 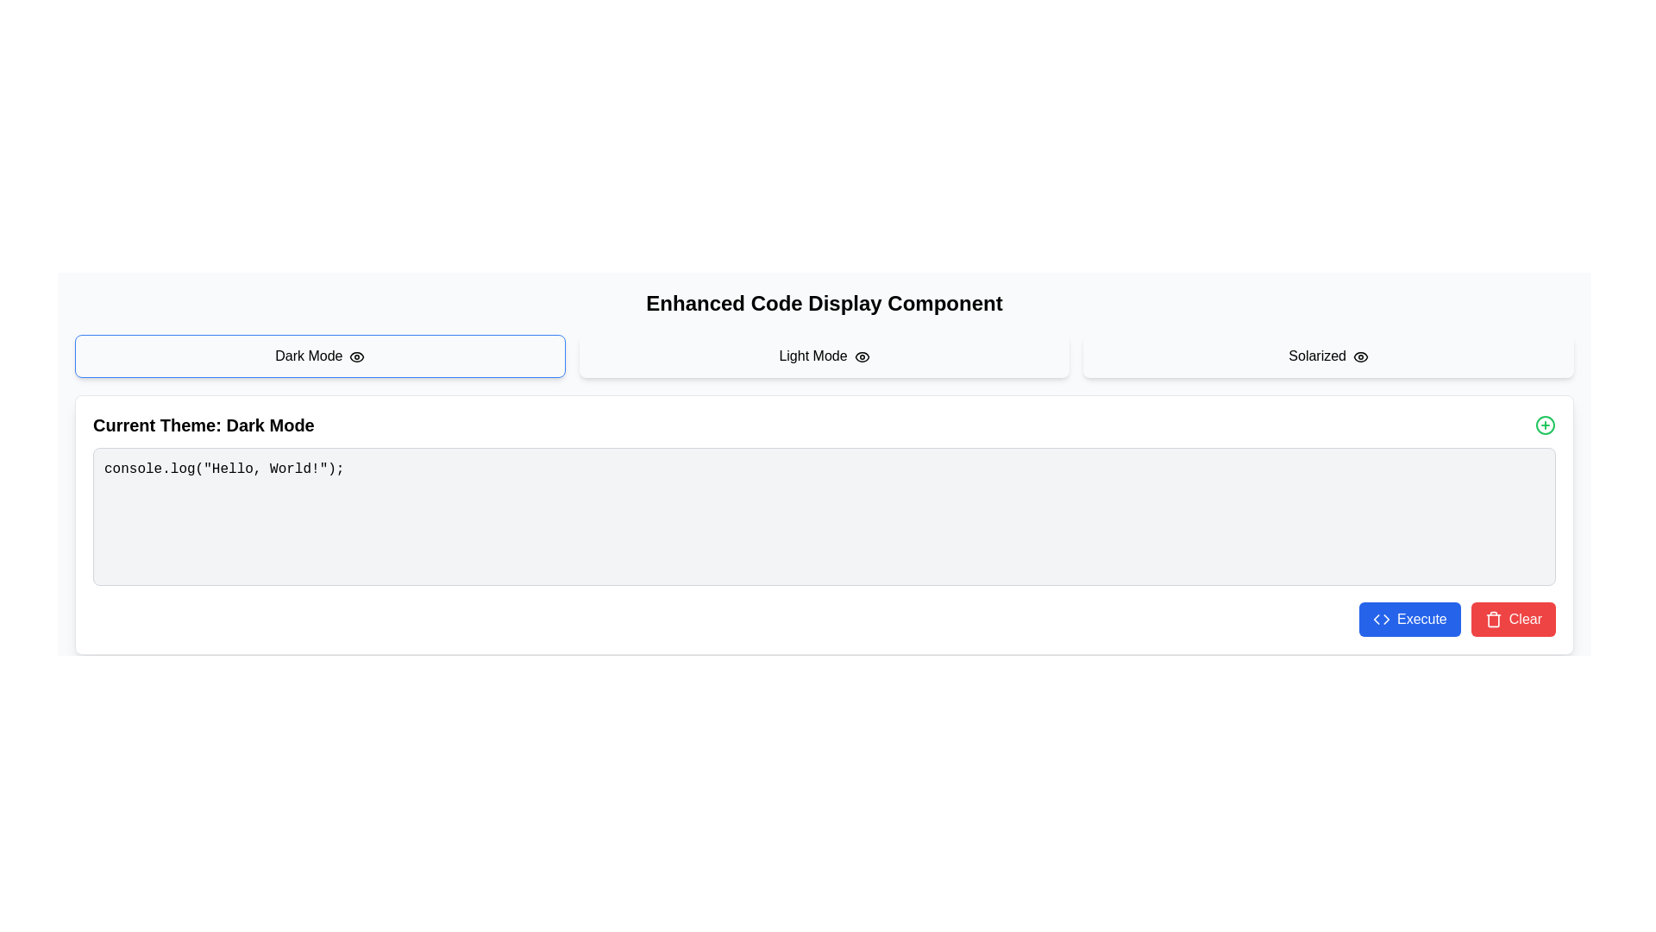 I want to click on the 'Dark Mode' button, which is a rectangular button with a light background, blue border, and an eye icon next to the text. It is located in the first column of a three-column layout, positioned to the left of 'Light Mode' and 'Solarized', so click(x=320, y=355).